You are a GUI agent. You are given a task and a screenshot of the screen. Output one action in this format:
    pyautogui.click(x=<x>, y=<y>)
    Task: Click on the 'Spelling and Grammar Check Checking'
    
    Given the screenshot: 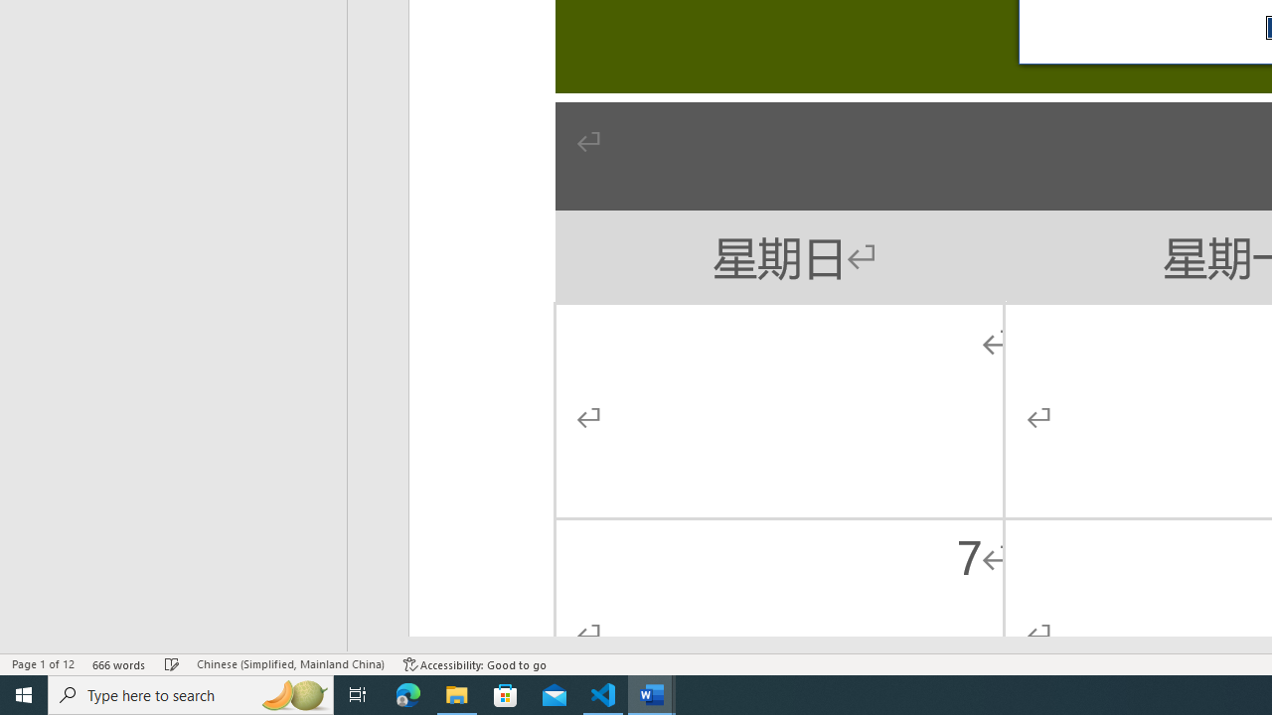 What is the action you would take?
    pyautogui.click(x=172, y=664)
    